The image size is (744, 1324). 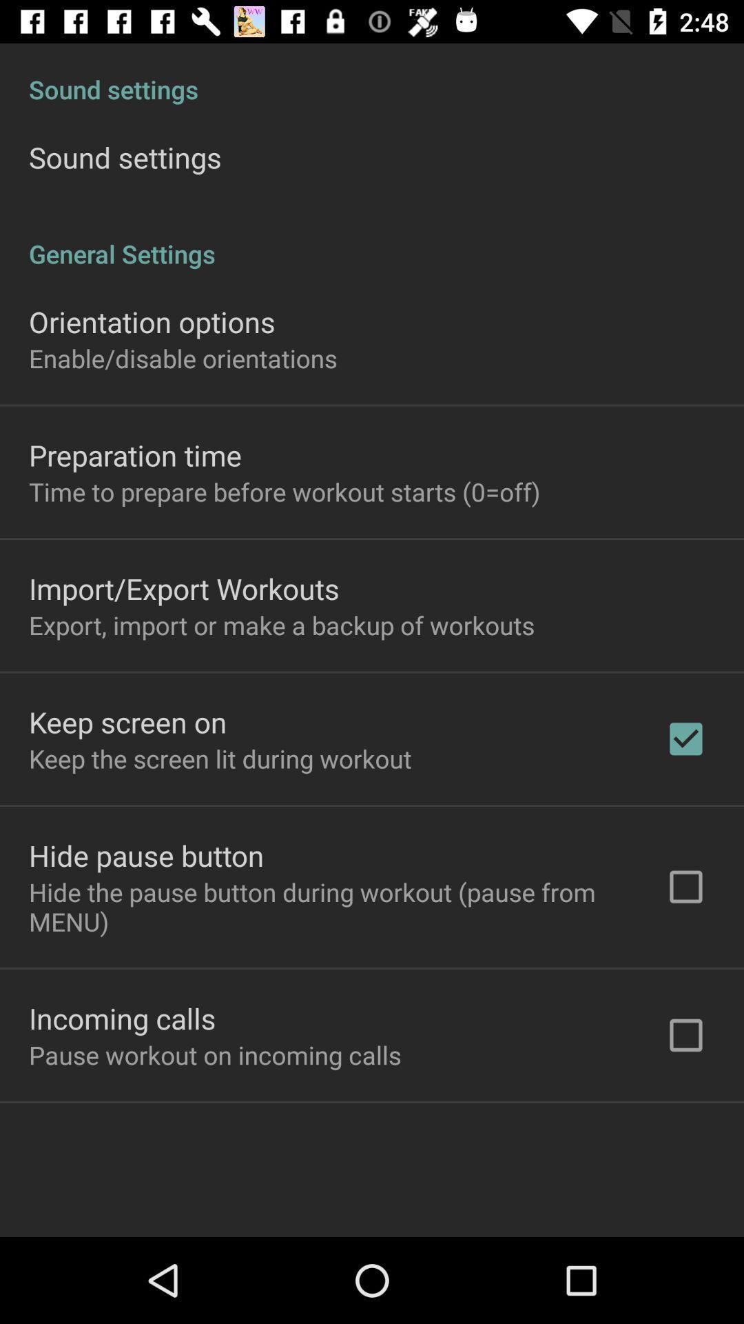 I want to click on the icon below enable/disable orientations icon, so click(x=135, y=455).